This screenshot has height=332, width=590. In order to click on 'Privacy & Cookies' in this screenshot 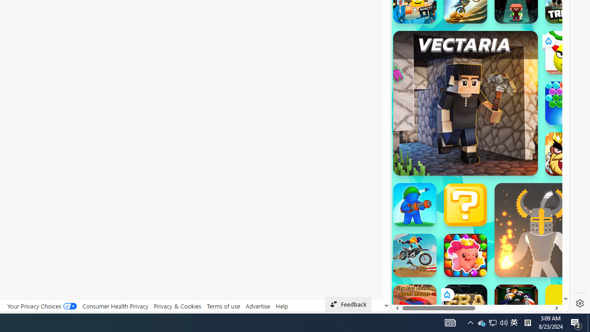, I will do `click(177, 306)`.